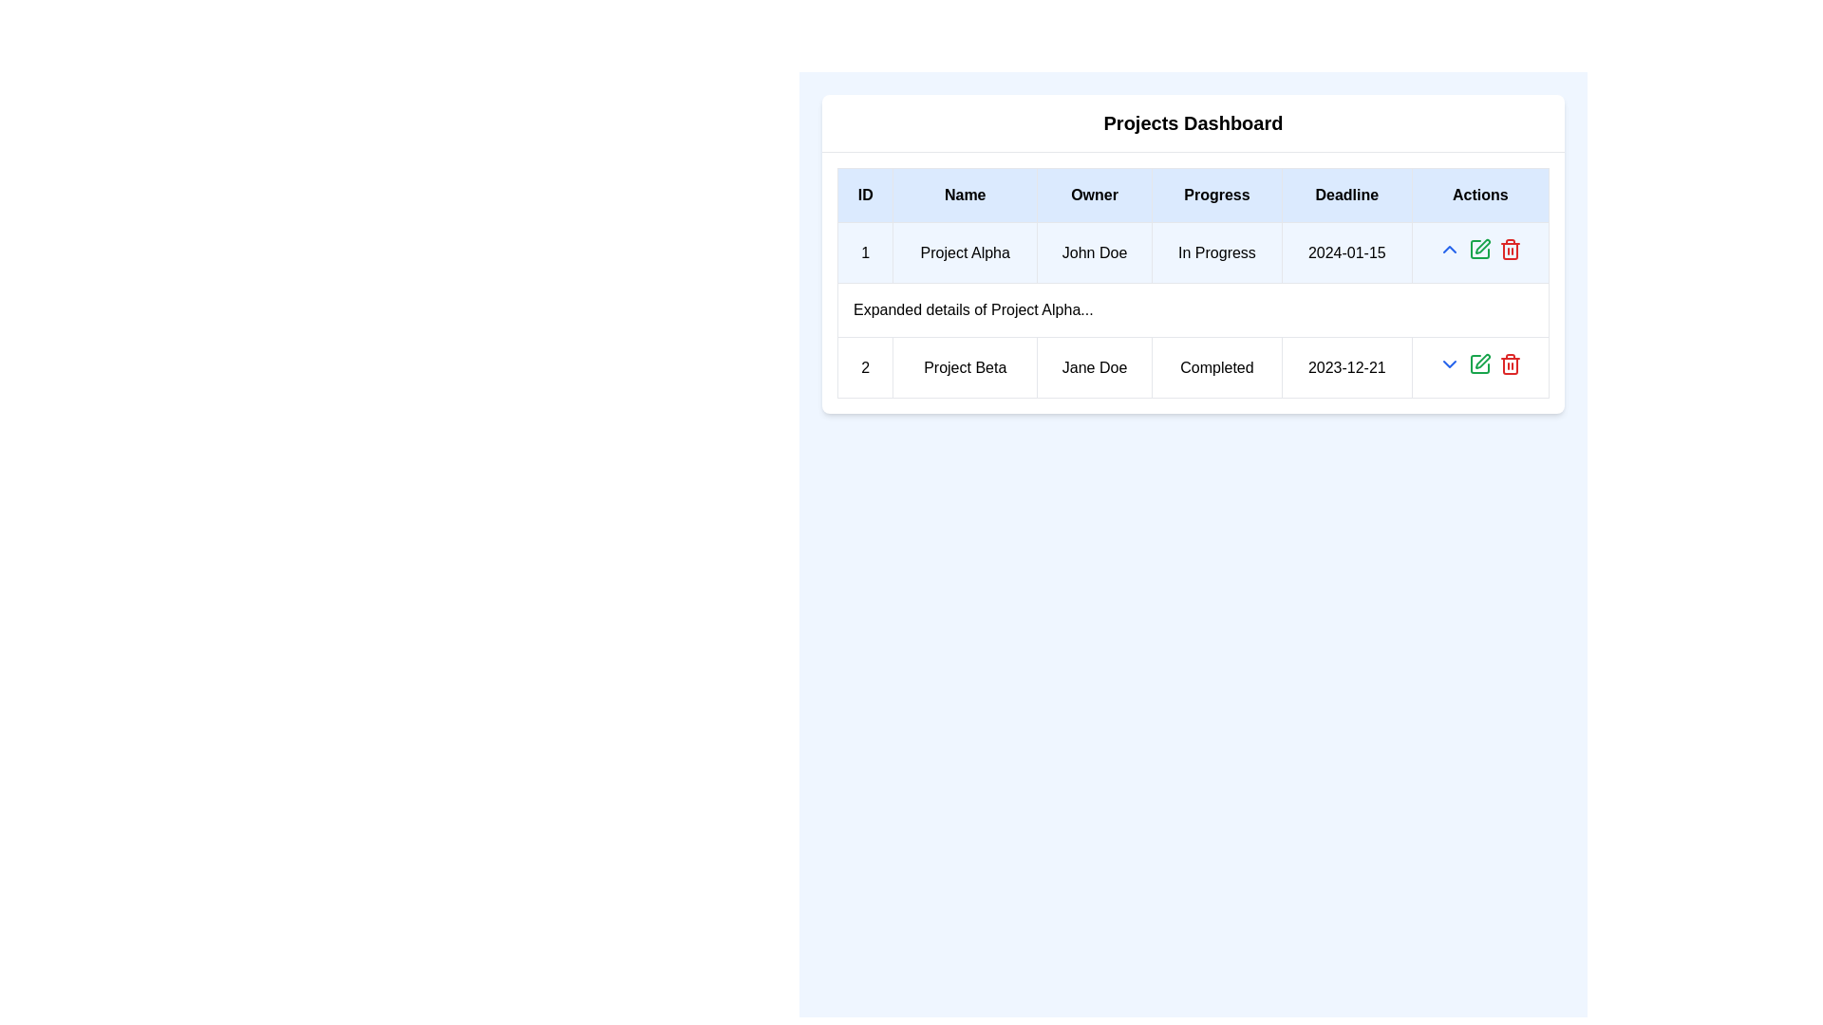 The height and width of the screenshot is (1025, 1823). What do you see at coordinates (1479, 367) in the screenshot?
I see `the interactive control group in the 'Actions' column of the second row` at bounding box center [1479, 367].